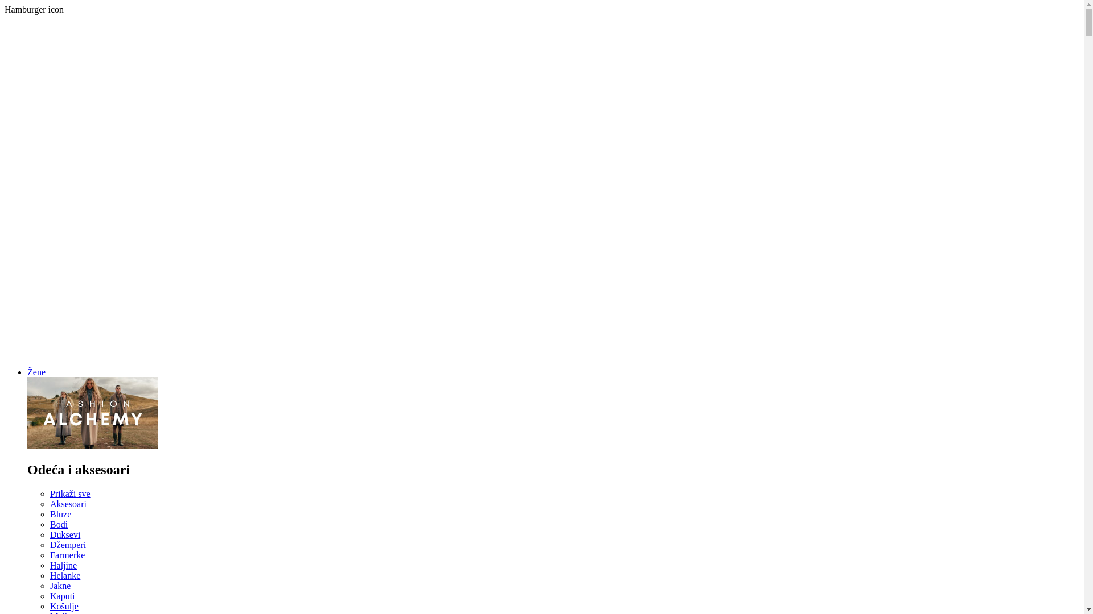  I want to click on 'Bluze', so click(60, 514).